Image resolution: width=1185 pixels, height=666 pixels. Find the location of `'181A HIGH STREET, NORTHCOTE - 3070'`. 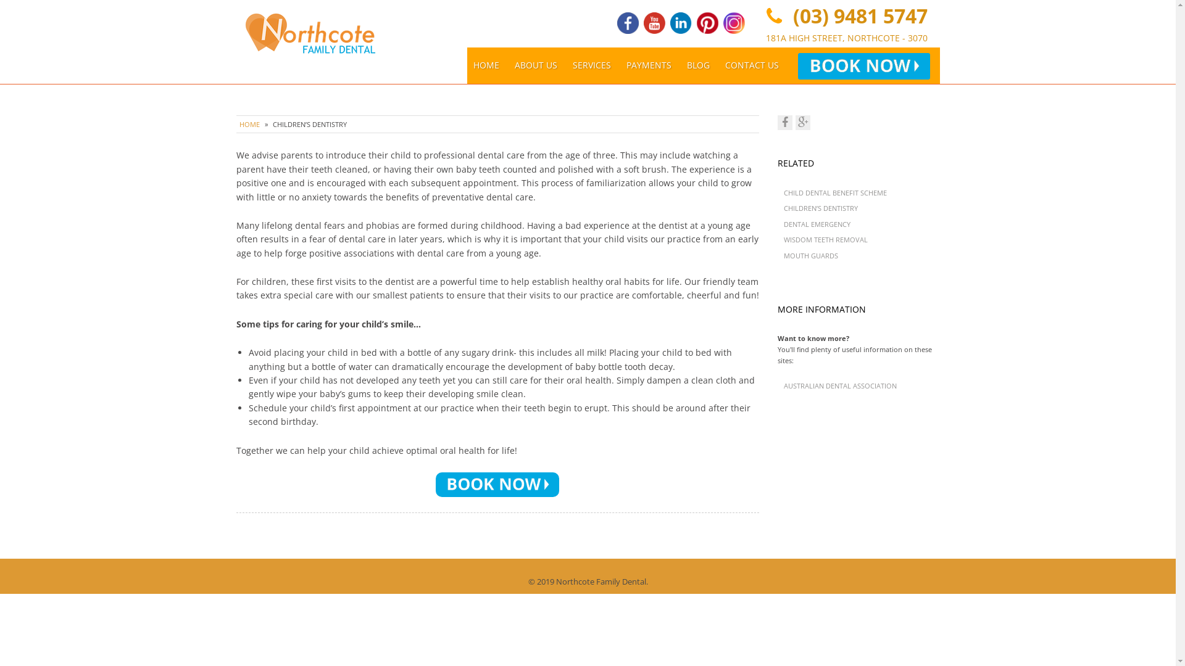

'181A HIGH STREET, NORTHCOTE - 3070' is located at coordinates (846, 37).